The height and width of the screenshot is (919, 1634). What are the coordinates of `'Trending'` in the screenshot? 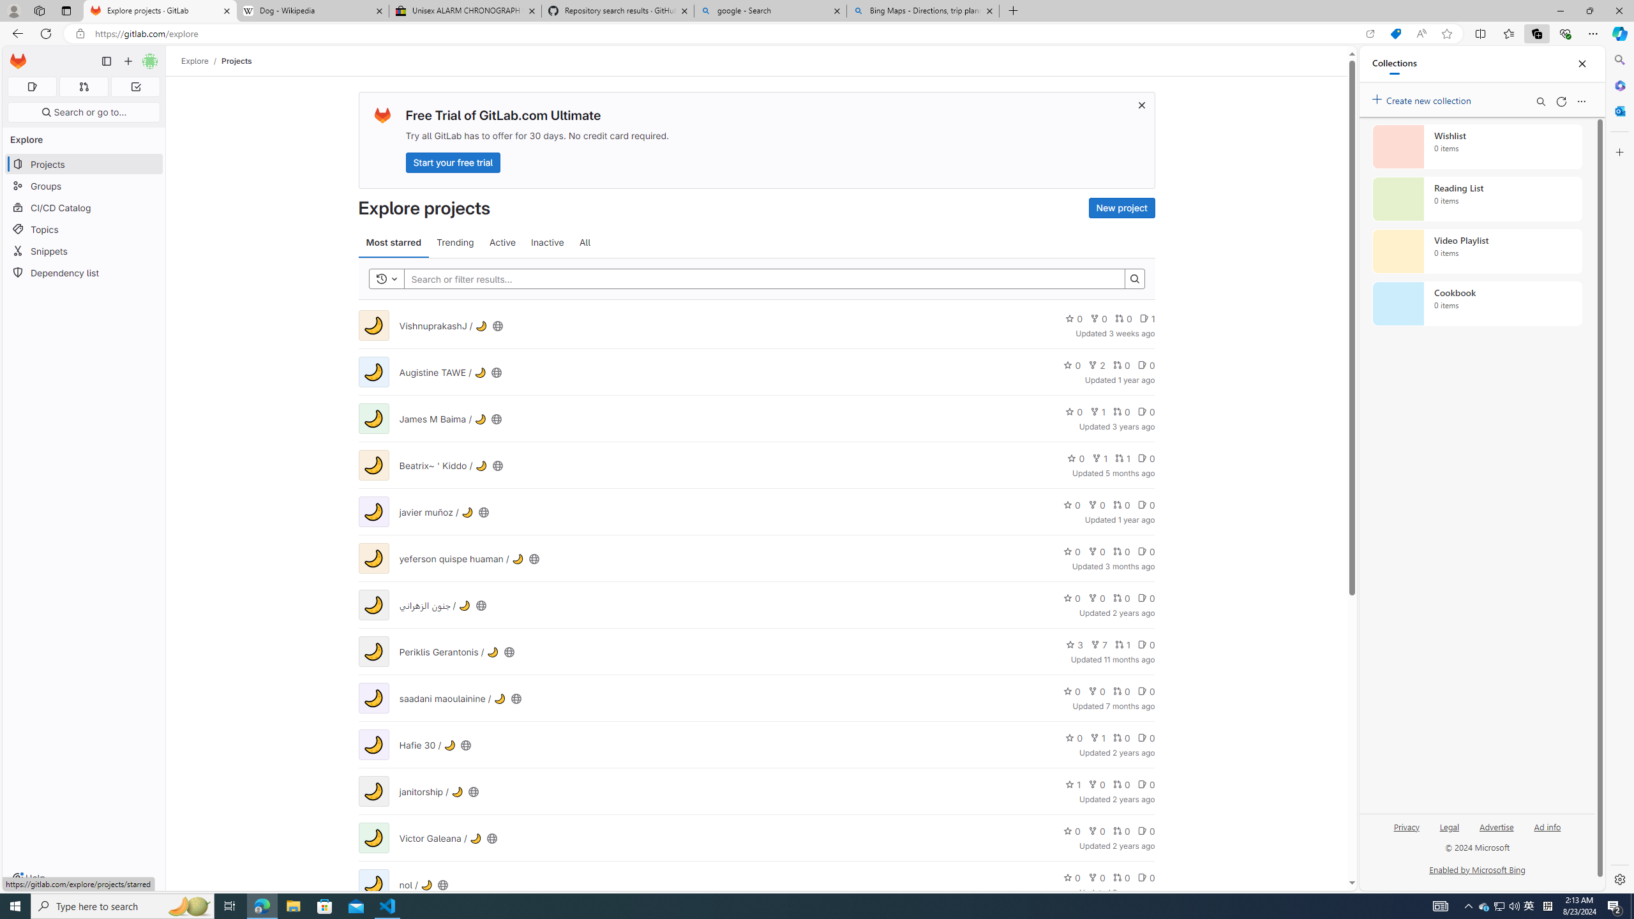 It's located at (454, 242).